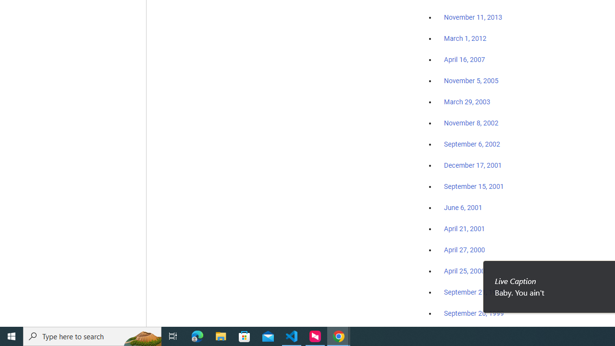  Describe the element at coordinates (463, 207) in the screenshot. I see `'June 6, 2001'` at that location.